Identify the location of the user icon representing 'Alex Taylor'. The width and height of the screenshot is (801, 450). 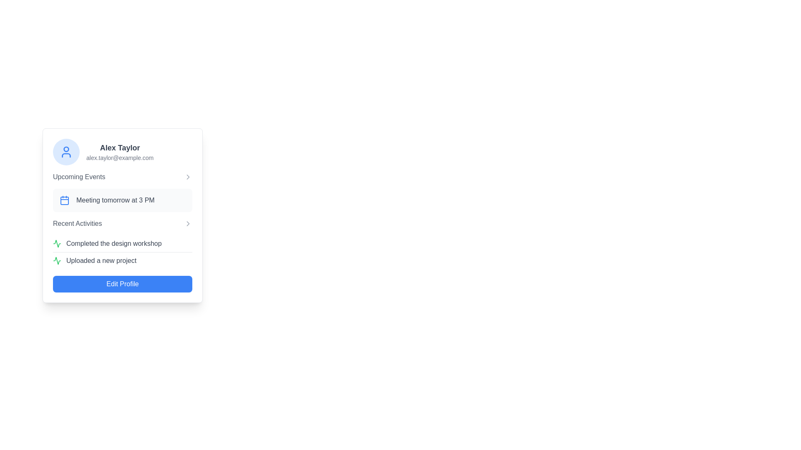
(65, 152).